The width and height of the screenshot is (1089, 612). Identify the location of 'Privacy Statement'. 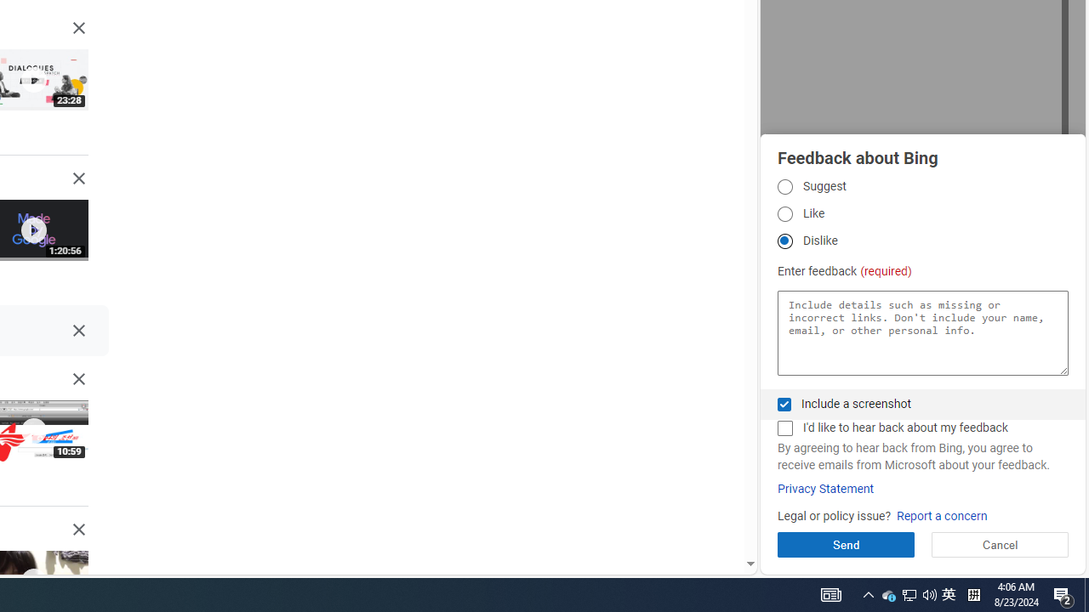
(825, 489).